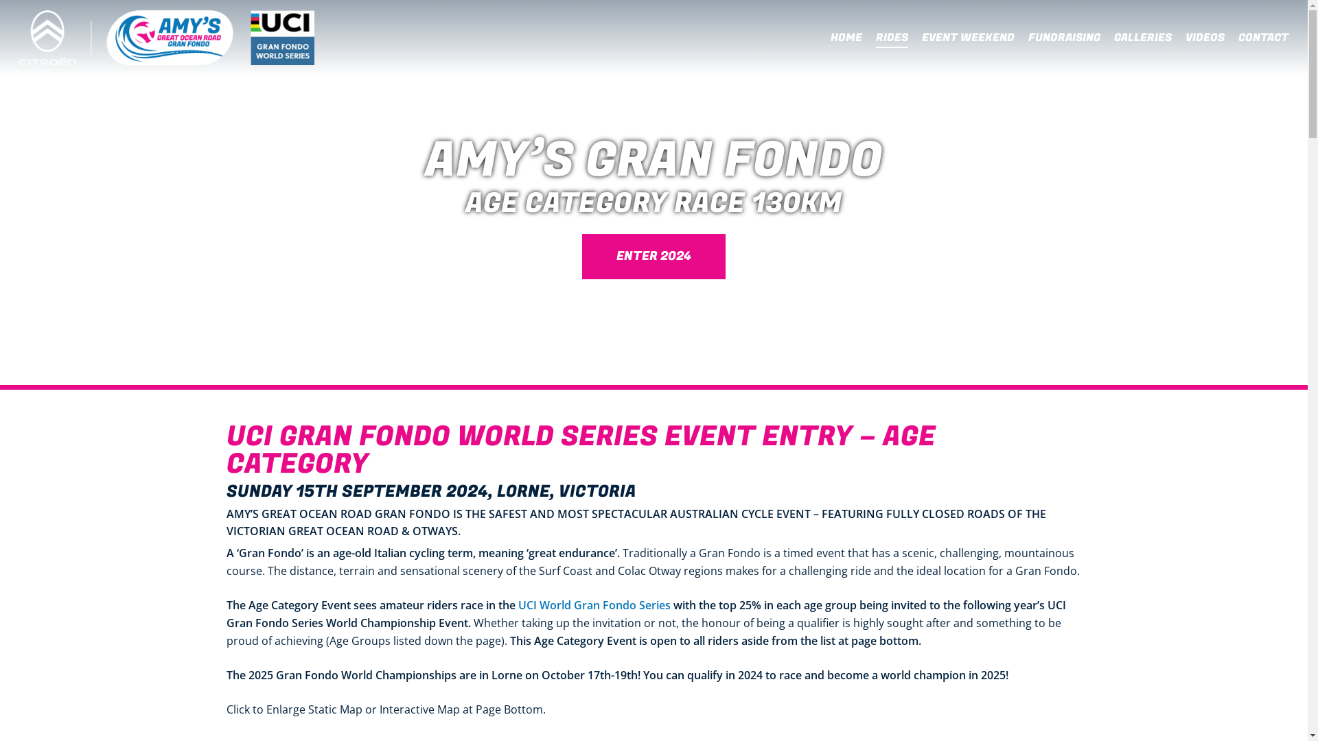  Describe the element at coordinates (653, 257) in the screenshot. I see `'ENTER 2024'` at that location.